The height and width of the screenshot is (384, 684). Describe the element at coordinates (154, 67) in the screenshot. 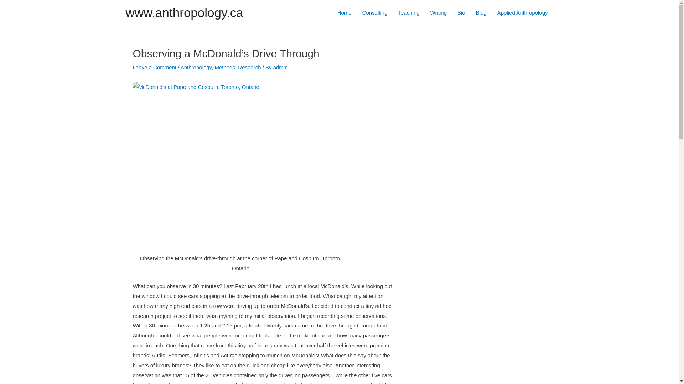

I see `'Leave a Comment'` at that location.